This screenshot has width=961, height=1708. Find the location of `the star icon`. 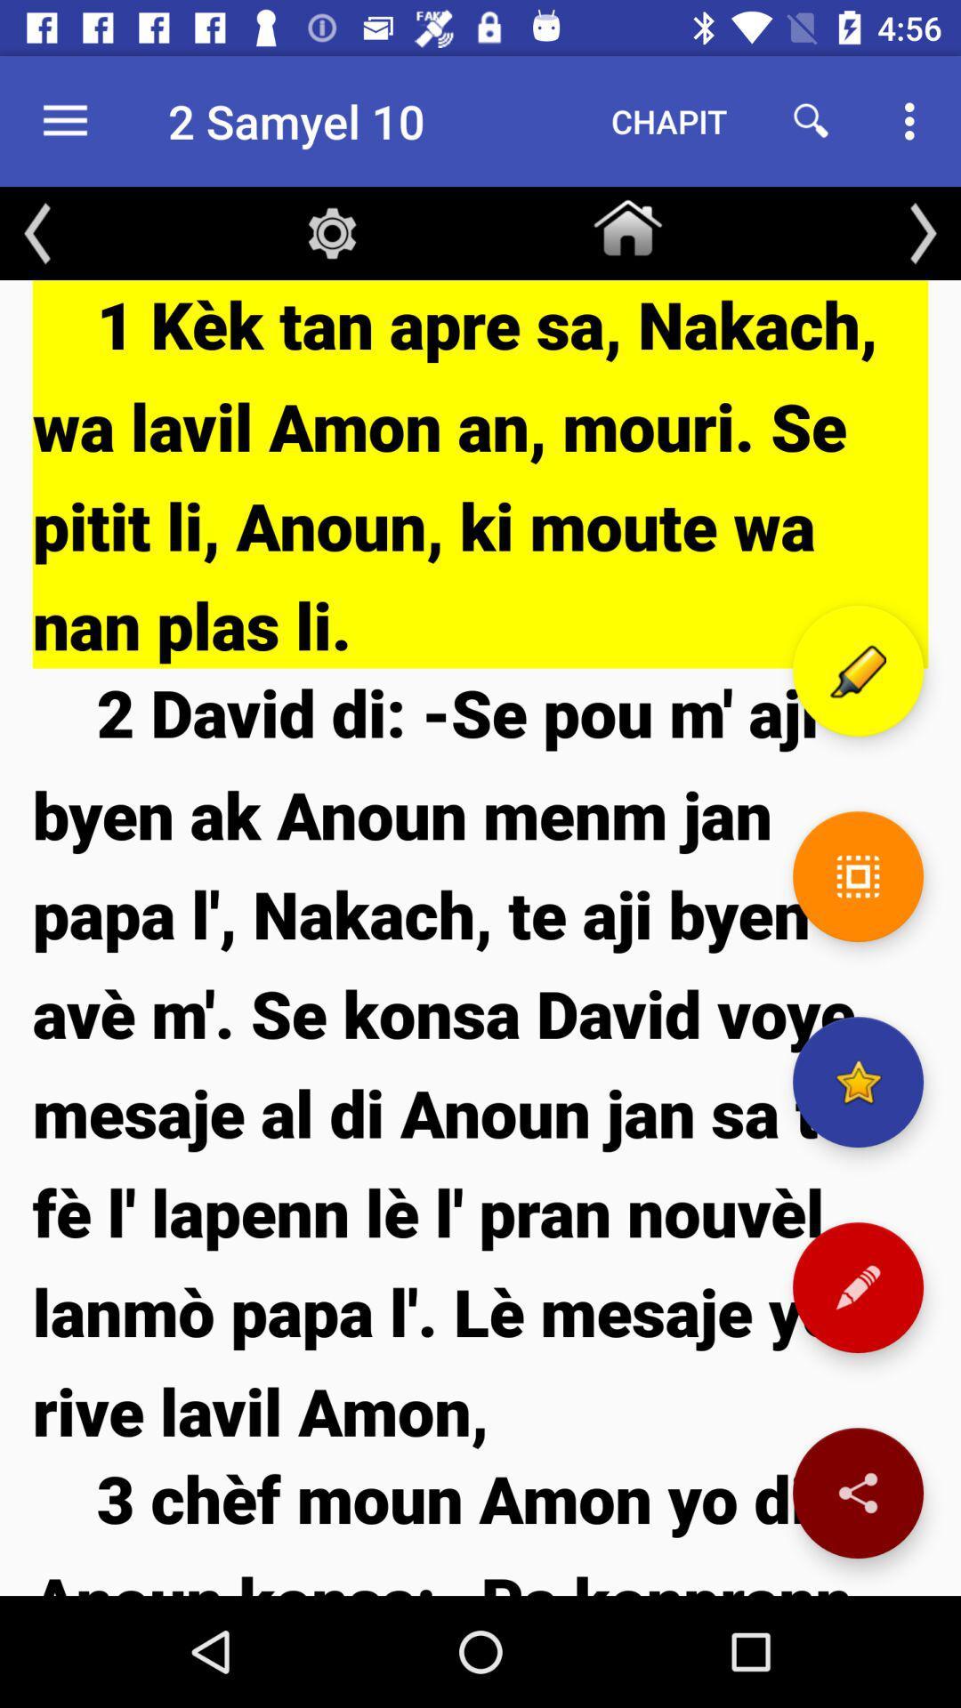

the star icon is located at coordinates (857, 1081).